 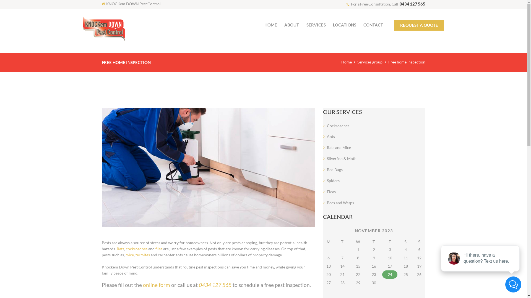 I want to click on 'Rats and Mice', so click(x=339, y=147).